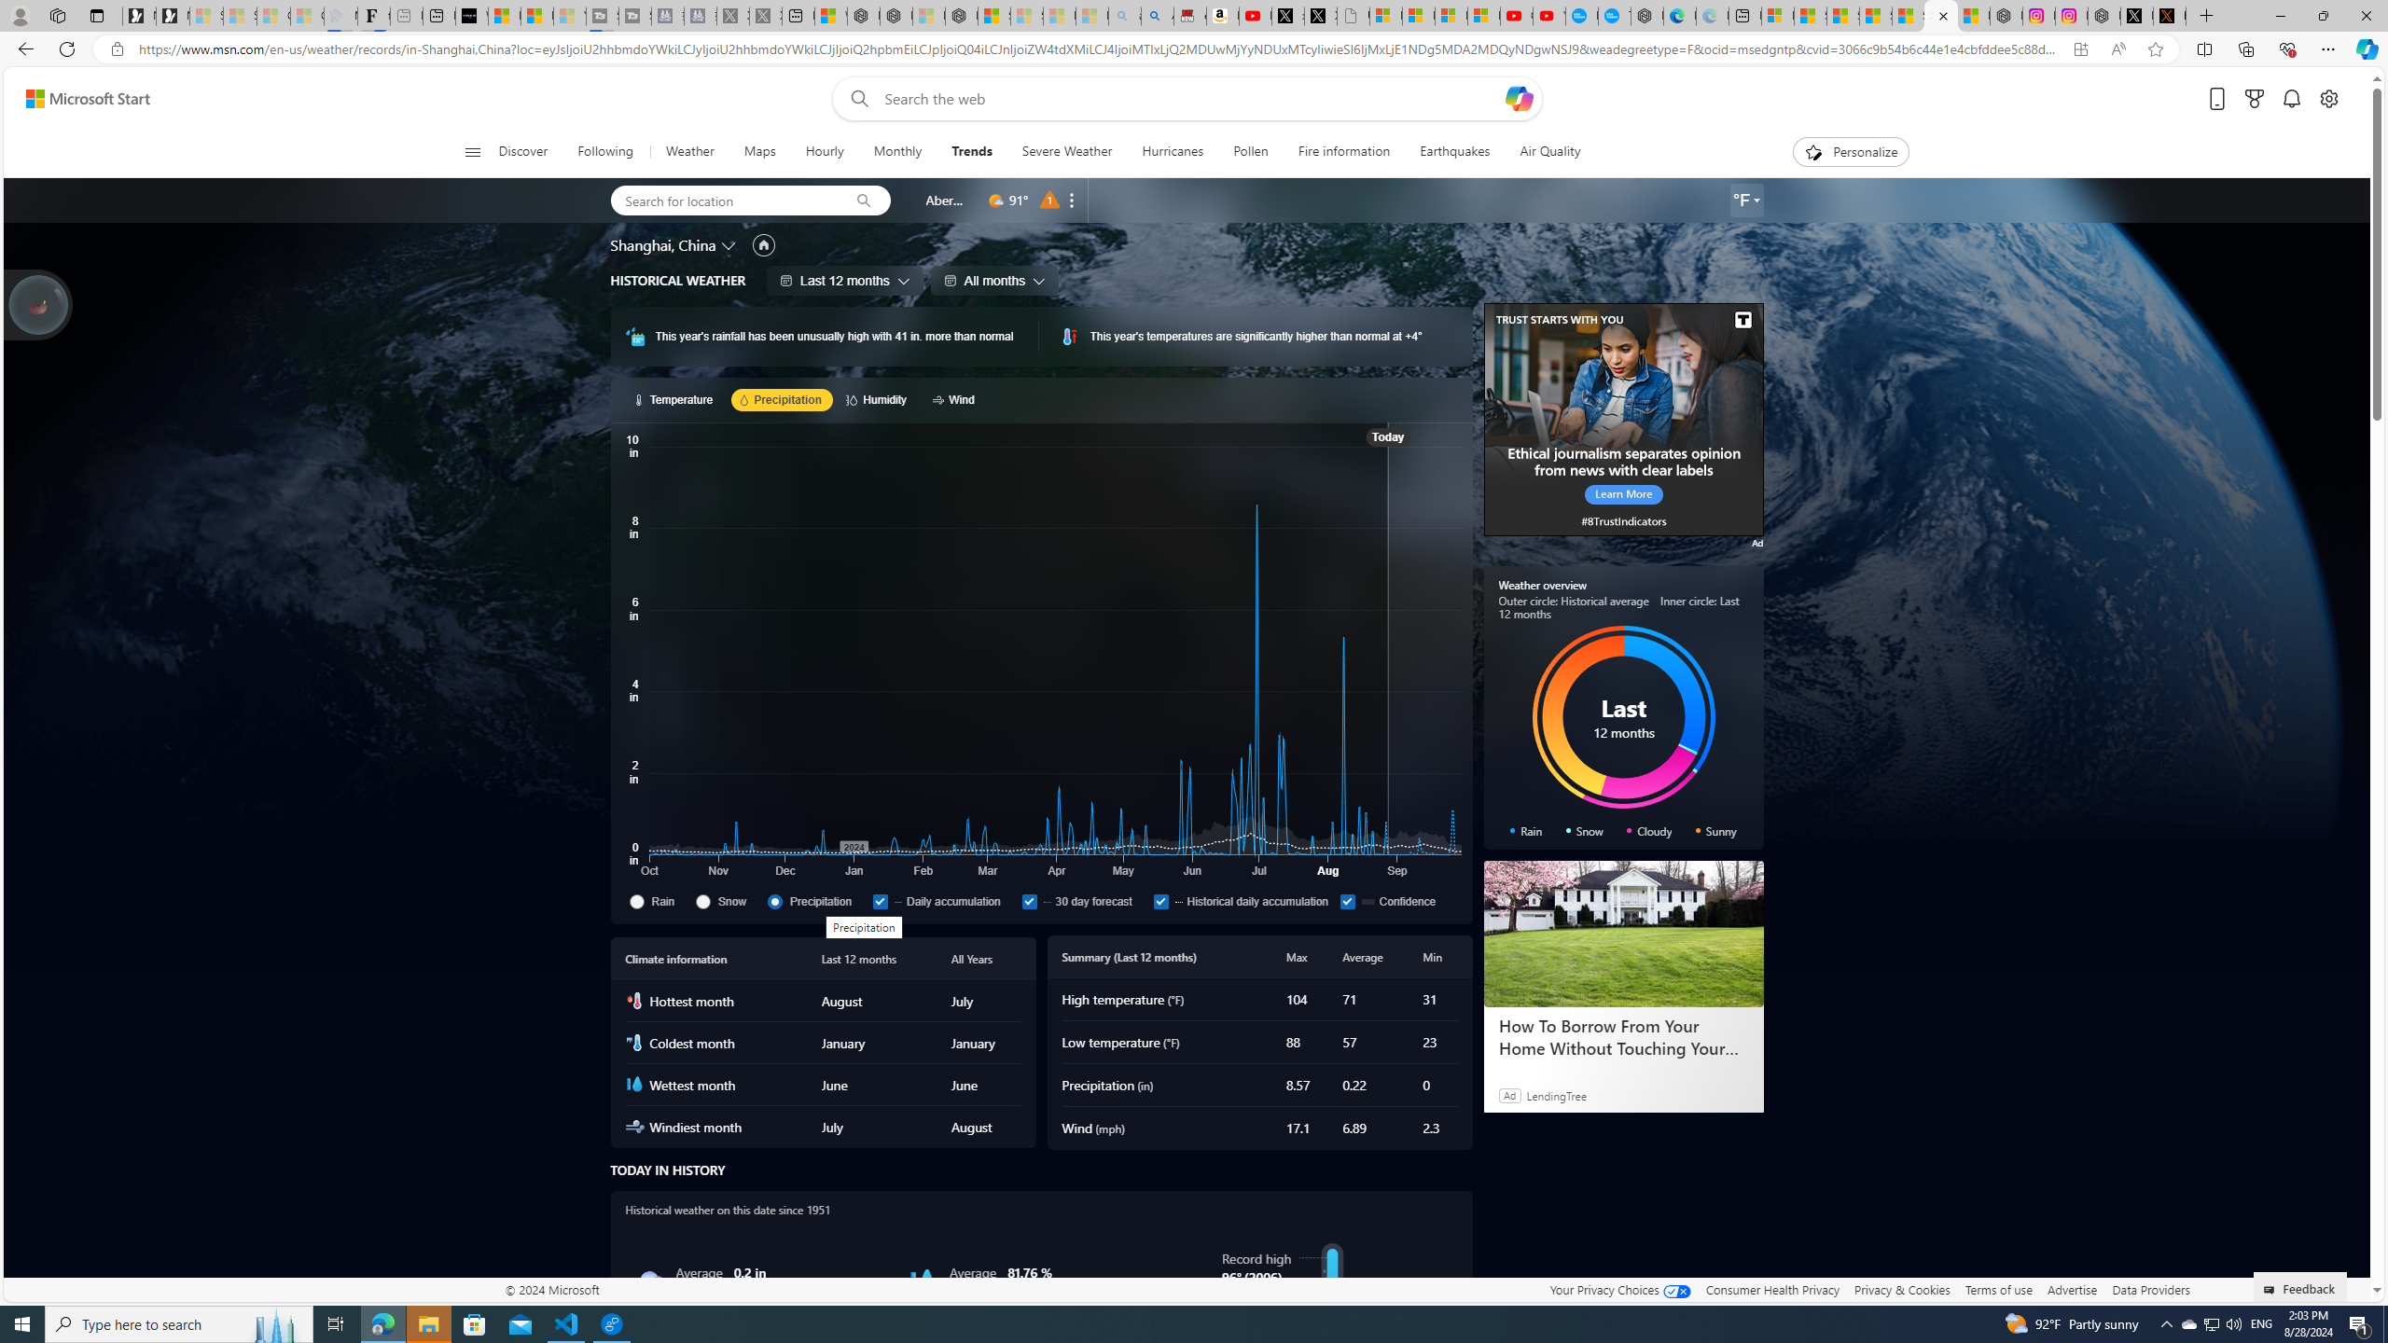 The height and width of the screenshot is (1343, 2388). Describe the element at coordinates (1548, 151) in the screenshot. I see `'Air Quality'` at that location.